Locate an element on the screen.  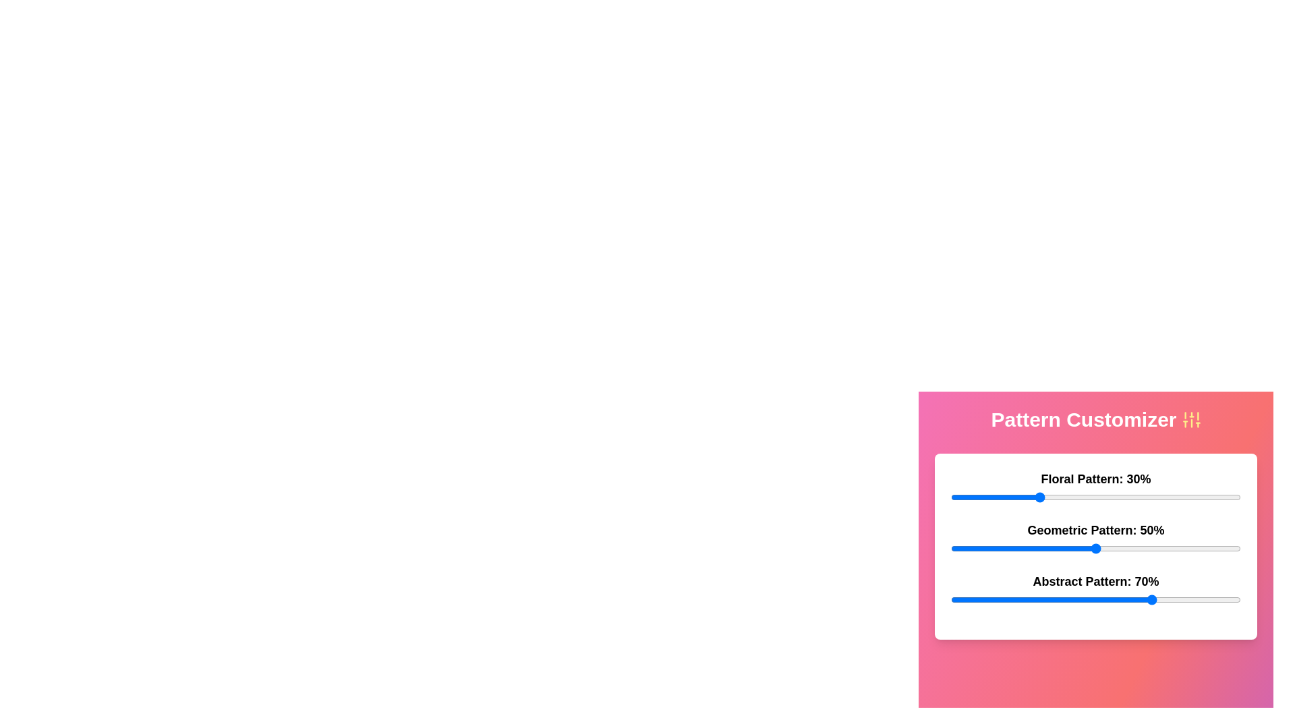
the header text 'Pattern Customizer' to simulate user interaction is located at coordinates (1096, 419).